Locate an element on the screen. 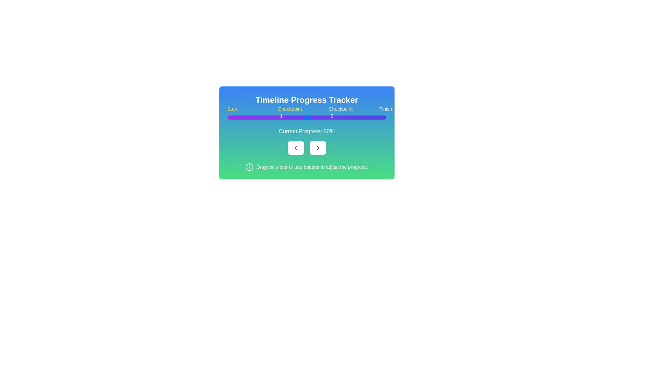  the slider is located at coordinates (378, 117).